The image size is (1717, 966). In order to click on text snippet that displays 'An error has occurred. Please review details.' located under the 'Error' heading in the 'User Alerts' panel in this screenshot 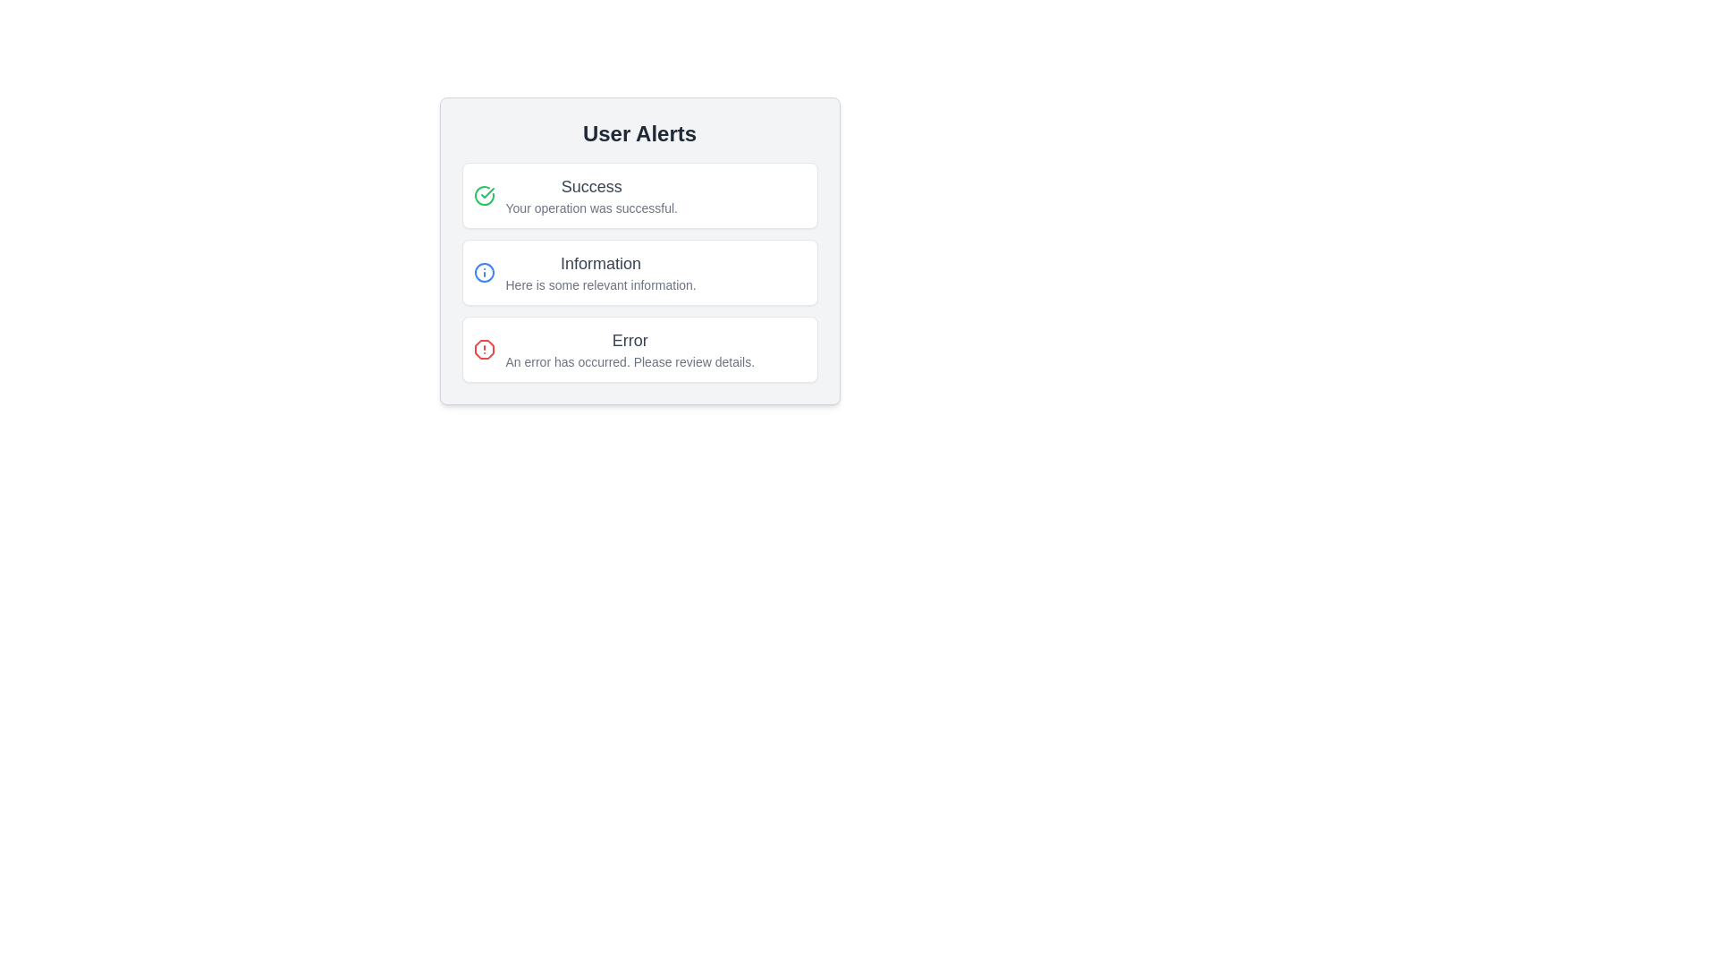, I will do `click(630, 362)`.